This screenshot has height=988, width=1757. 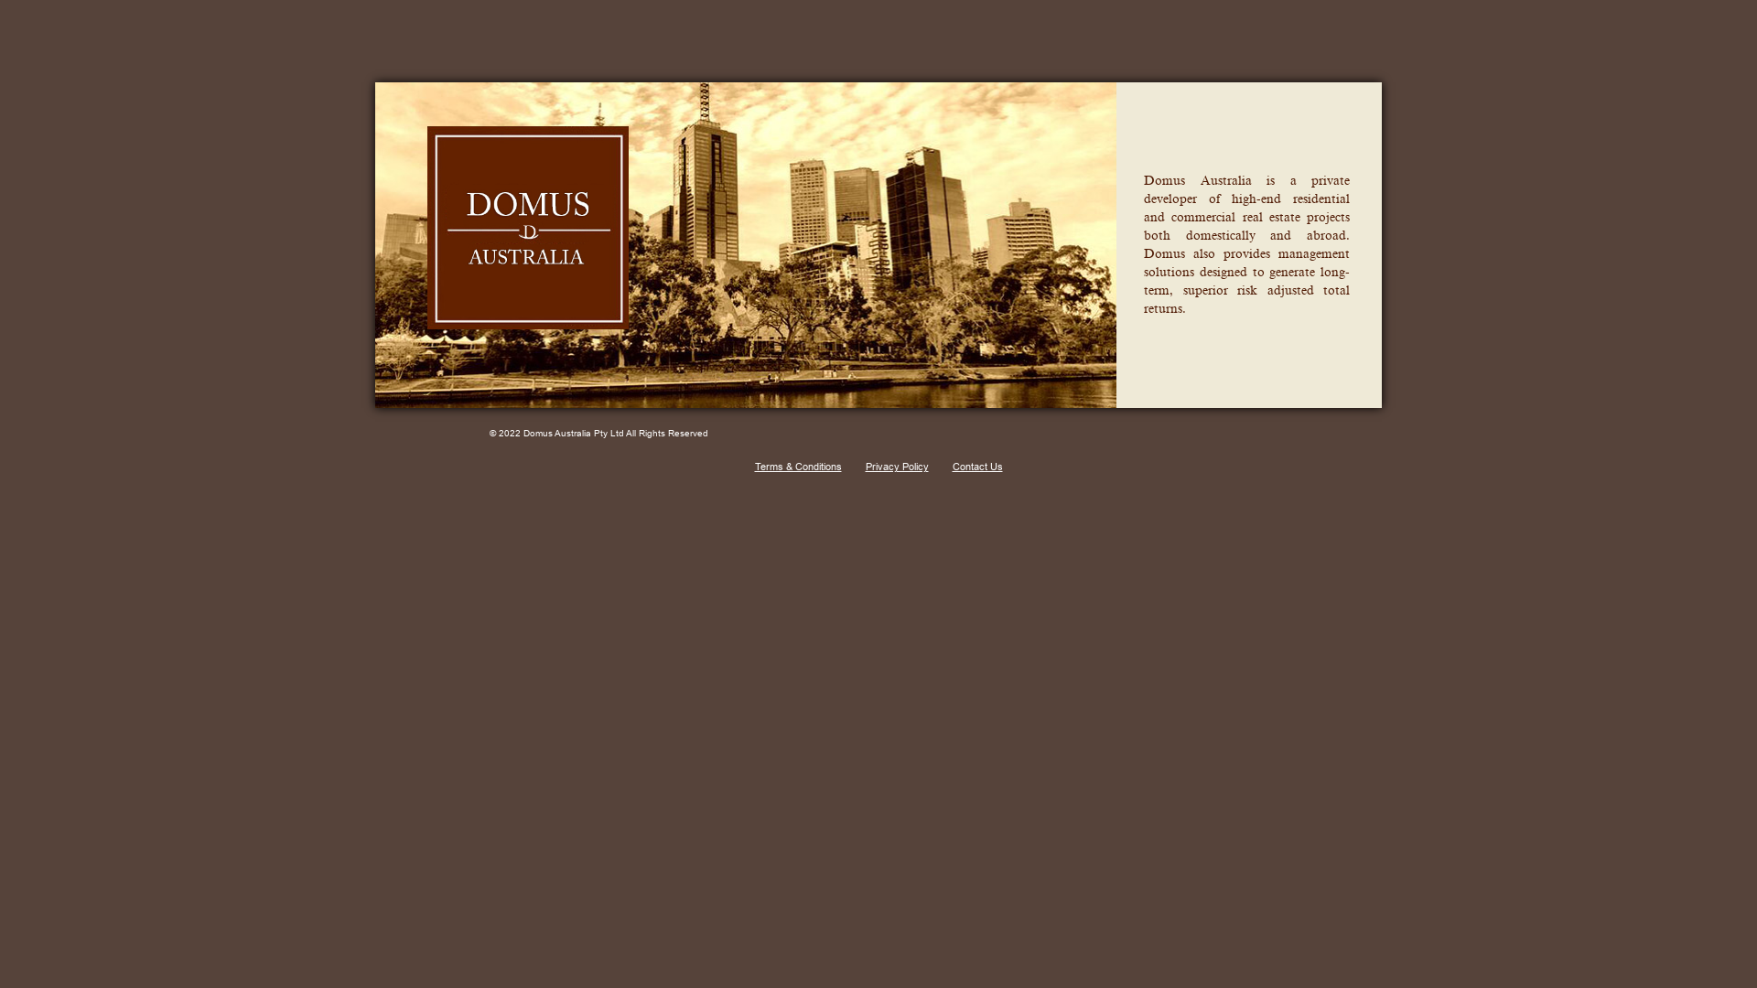 What do you see at coordinates (976, 465) in the screenshot?
I see `'Contact Us'` at bounding box center [976, 465].